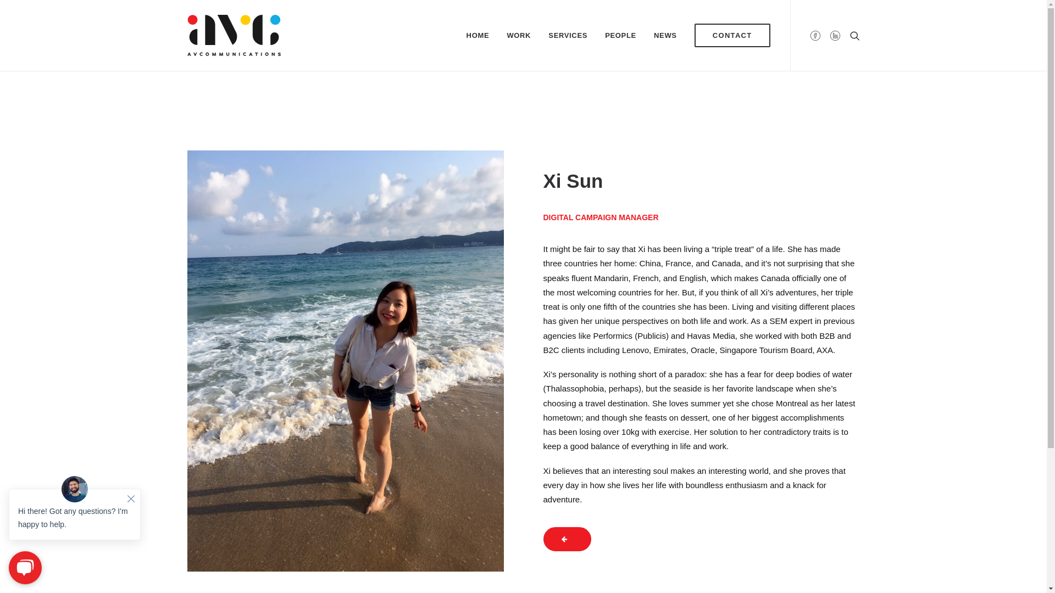  What do you see at coordinates (620, 35) in the screenshot?
I see `'PEOPLE'` at bounding box center [620, 35].